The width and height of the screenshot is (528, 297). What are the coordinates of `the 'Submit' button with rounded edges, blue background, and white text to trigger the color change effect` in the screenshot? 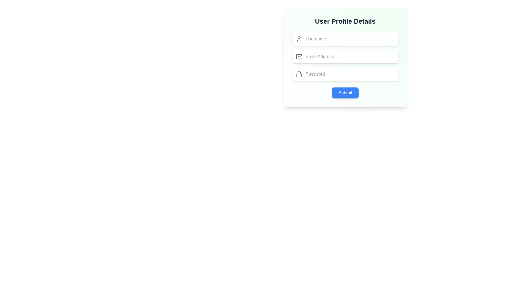 It's located at (345, 93).